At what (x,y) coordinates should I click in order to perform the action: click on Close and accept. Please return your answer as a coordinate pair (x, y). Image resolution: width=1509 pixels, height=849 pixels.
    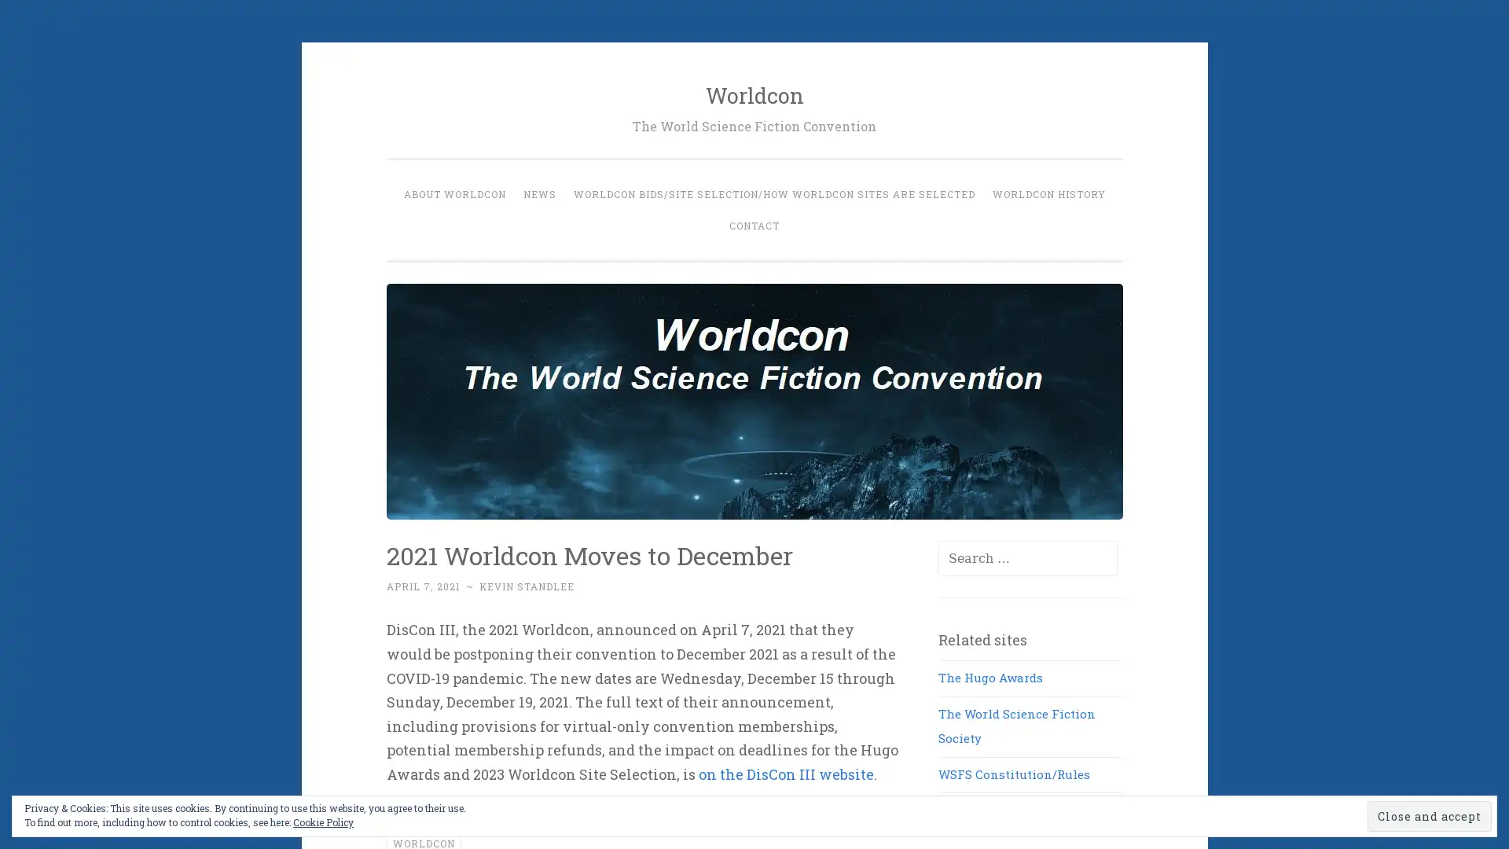
    Looking at the image, I should click on (1430, 815).